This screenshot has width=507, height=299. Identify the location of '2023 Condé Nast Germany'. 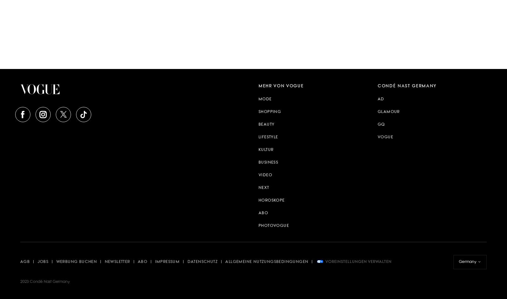
(44, 282).